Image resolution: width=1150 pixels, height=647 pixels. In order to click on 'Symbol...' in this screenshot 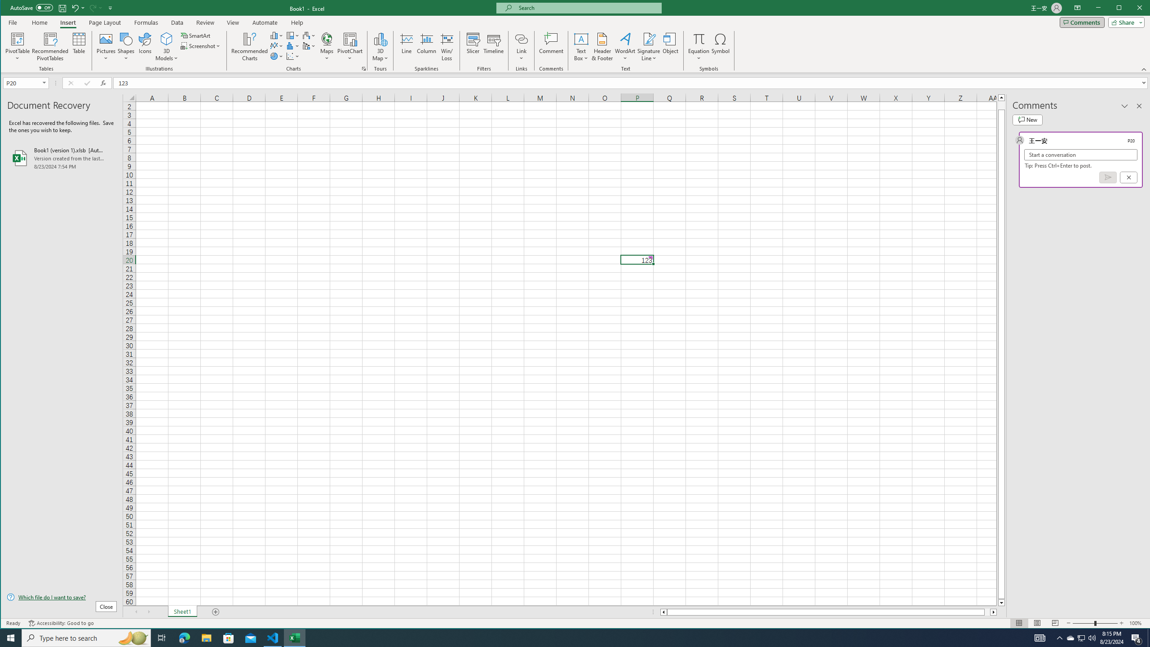, I will do `click(721, 46)`.